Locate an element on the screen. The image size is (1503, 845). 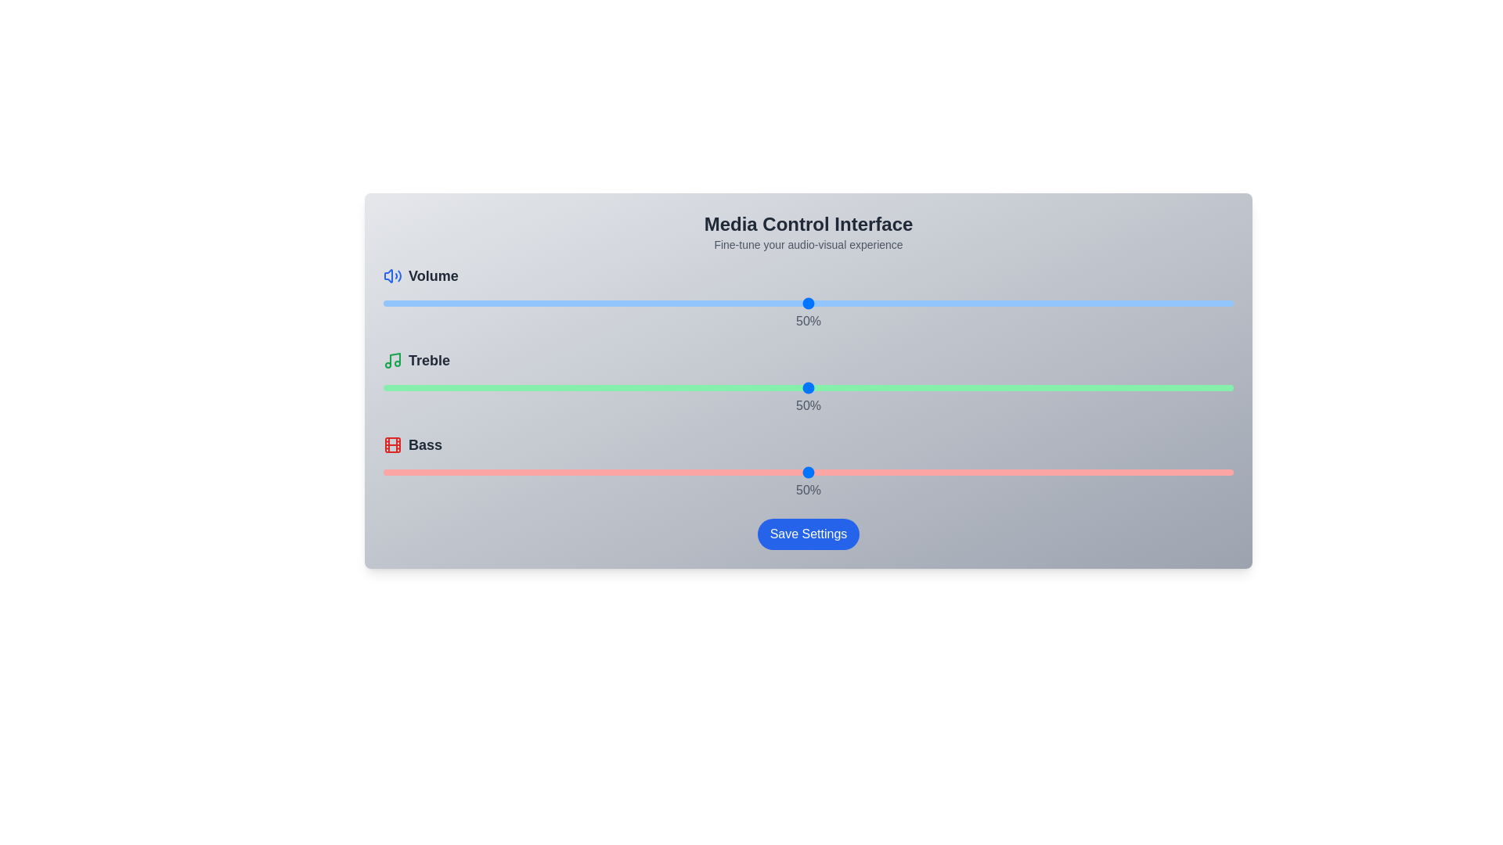
the slider value is located at coordinates (569, 387).